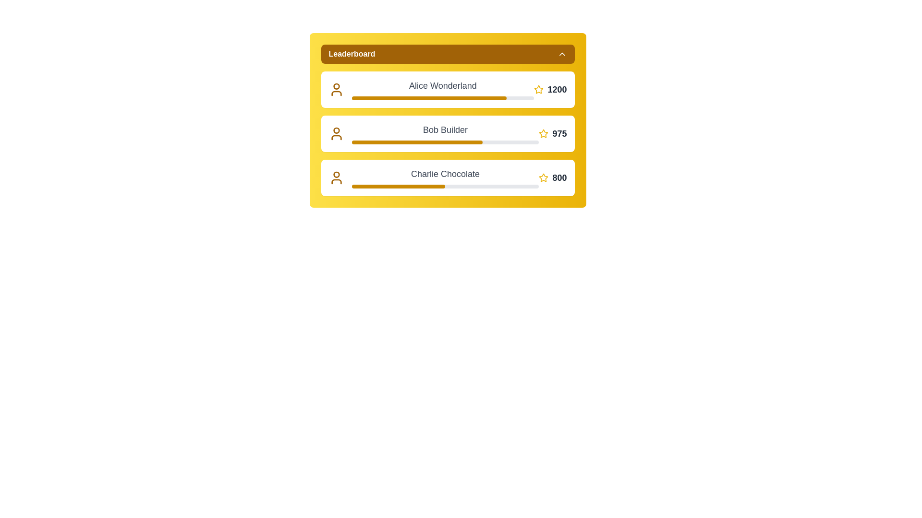 The width and height of the screenshot is (922, 518). Describe the element at coordinates (544, 133) in the screenshot. I see `the star-shaped icon with a yellow border located next to the 'Bob Builder' section in the leaderboard interface` at that location.